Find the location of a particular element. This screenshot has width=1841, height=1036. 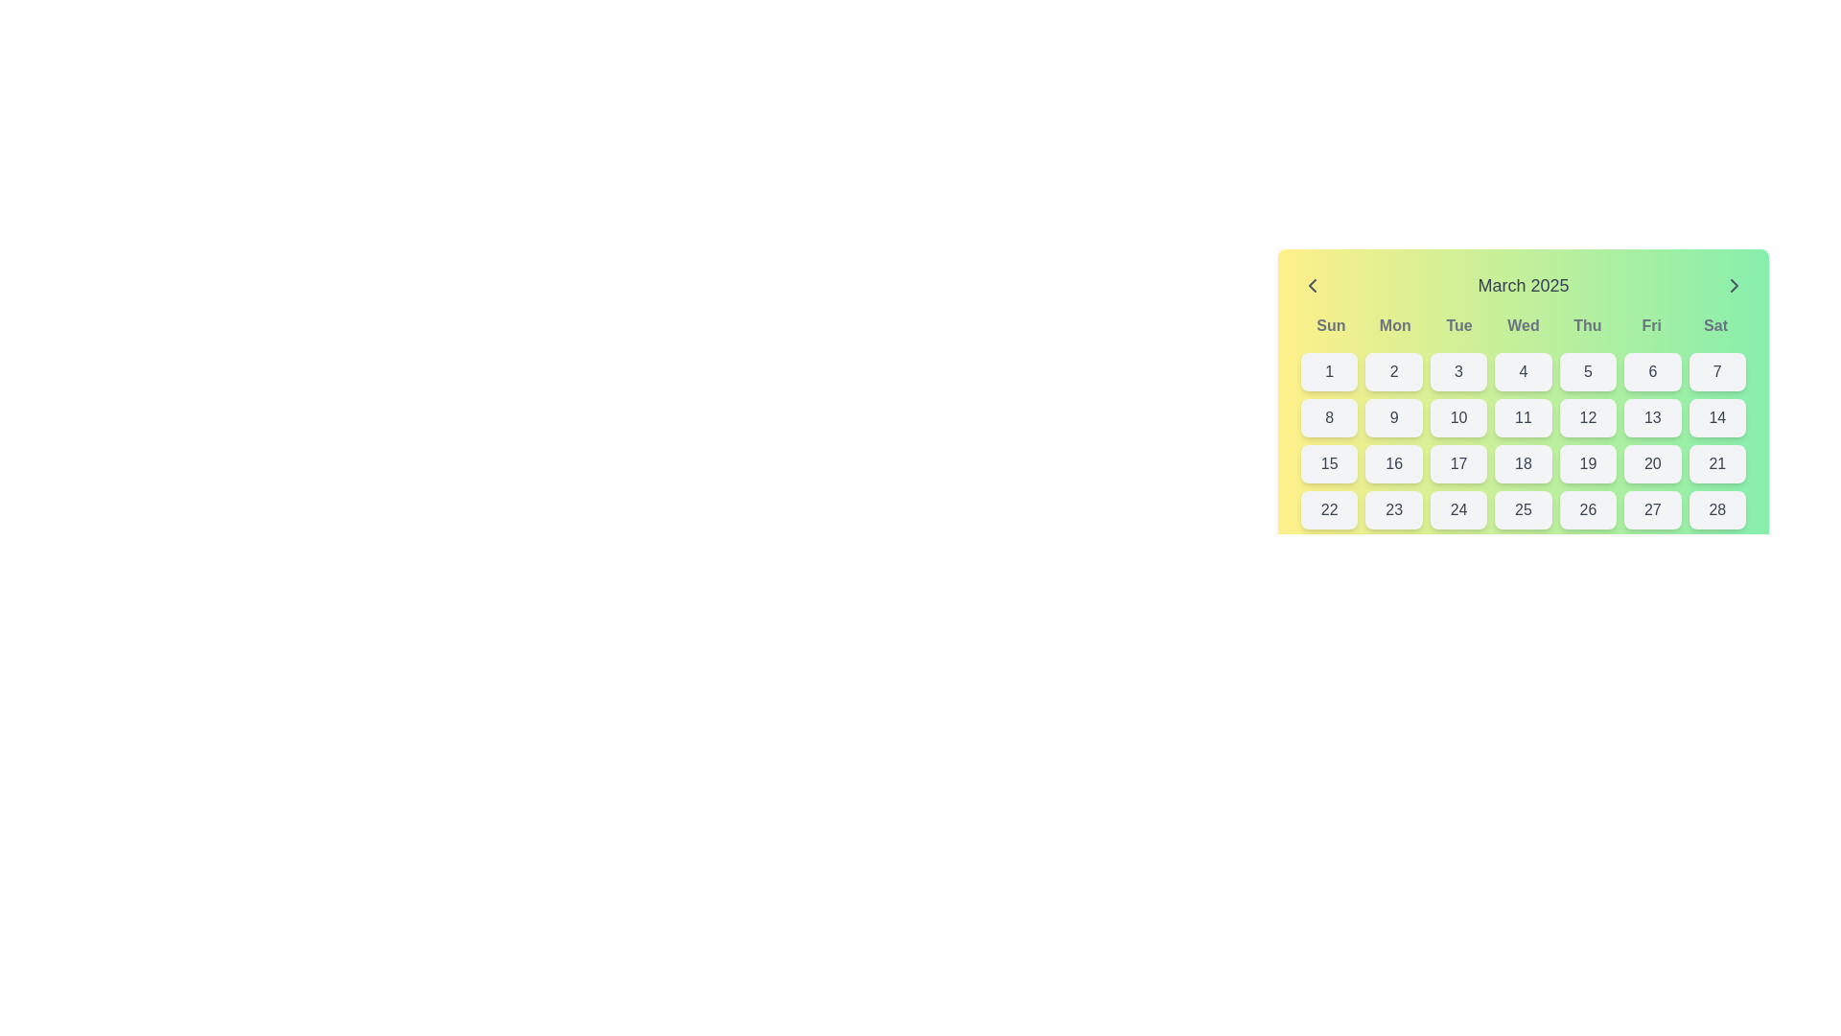

the Interactive calendar day button is located at coordinates (1328, 463).